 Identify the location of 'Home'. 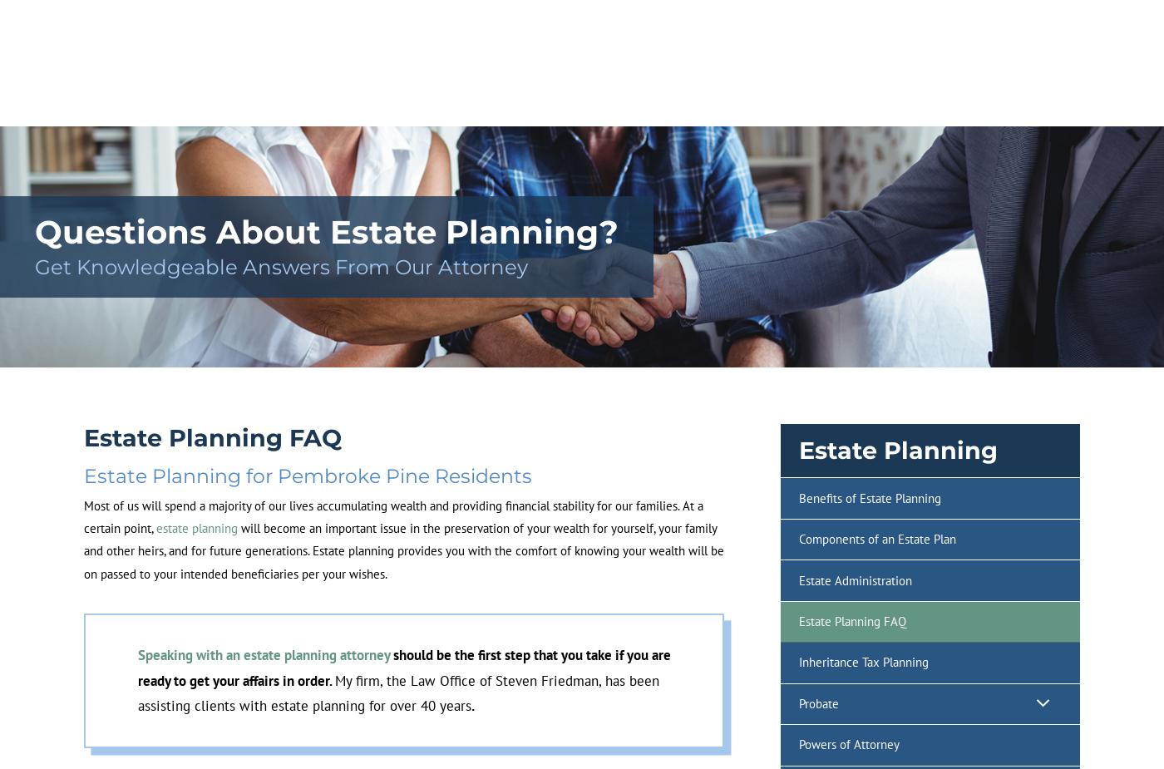
(131, 111).